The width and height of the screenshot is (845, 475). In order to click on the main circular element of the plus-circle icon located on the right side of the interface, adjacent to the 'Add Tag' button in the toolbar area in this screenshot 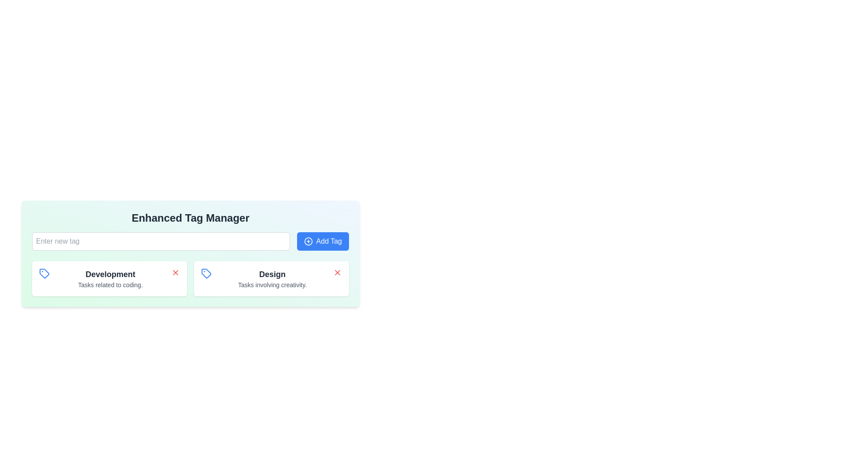, I will do `click(308, 241)`.